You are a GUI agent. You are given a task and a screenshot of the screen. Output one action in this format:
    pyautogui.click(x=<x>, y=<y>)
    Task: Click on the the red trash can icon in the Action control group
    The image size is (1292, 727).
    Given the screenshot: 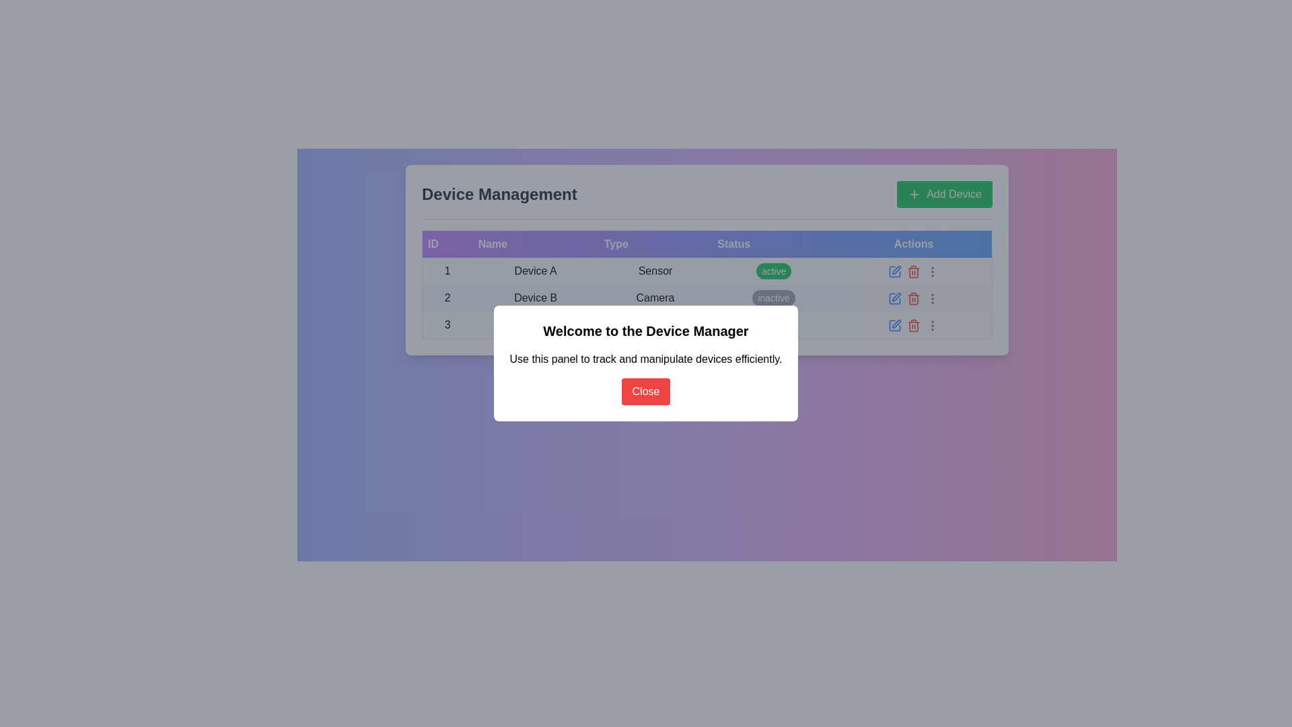 What is the action you would take?
    pyautogui.click(x=914, y=271)
    